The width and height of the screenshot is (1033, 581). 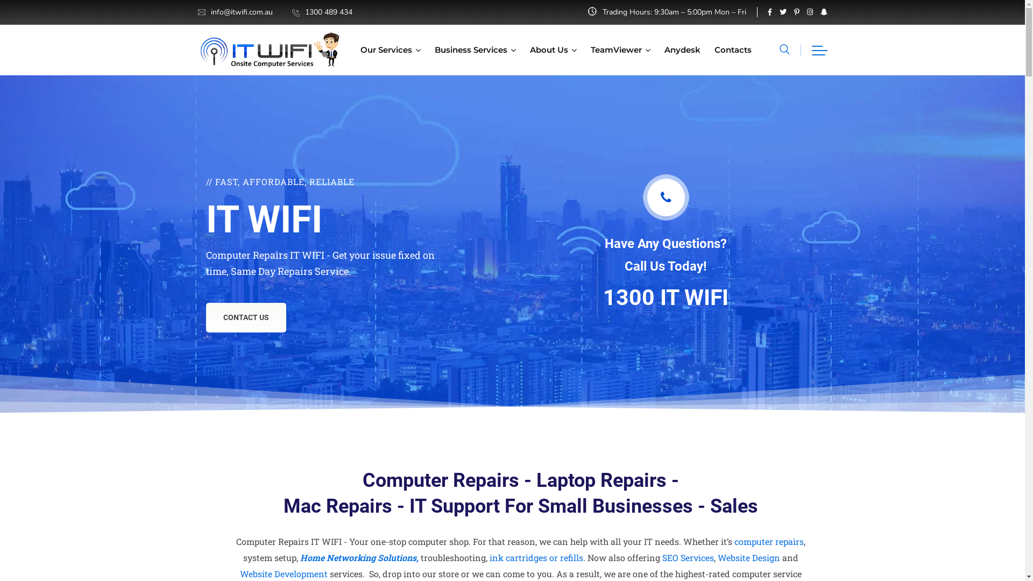 What do you see at coordinates (536, 557) in the screenshot?
I see `'ink cartridges or refills'` at bounding box center [536, 557].